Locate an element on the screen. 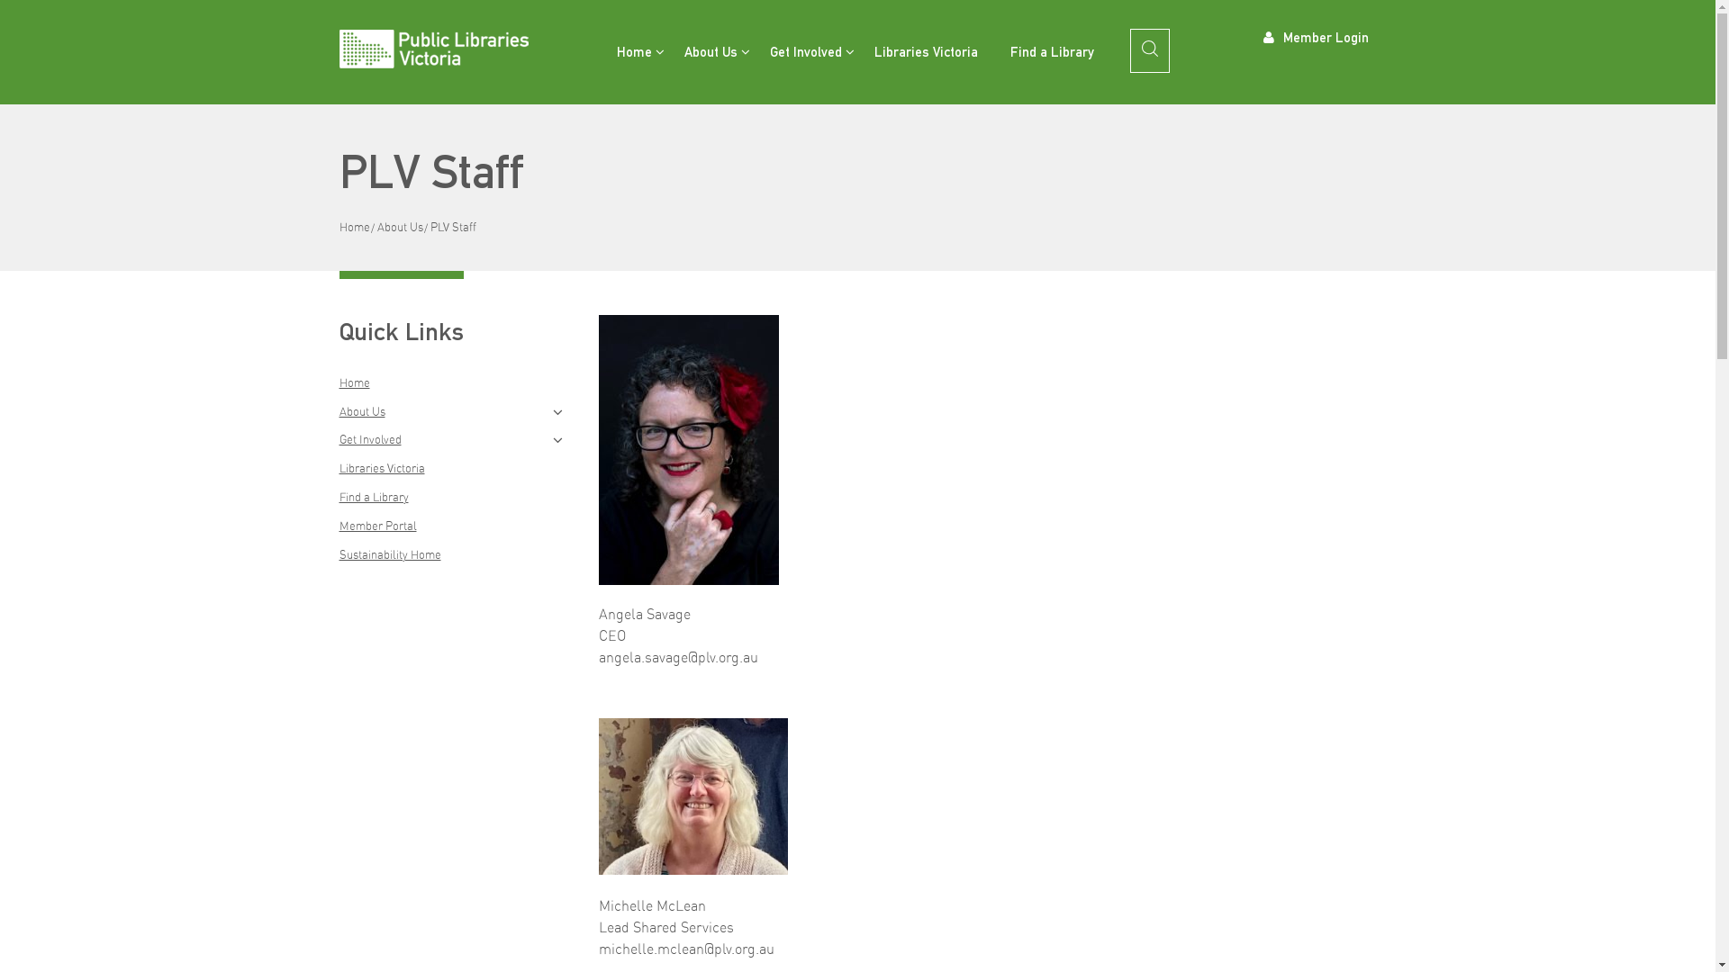 The image size is (1729, 972). 'Home' is located at coordinates (633, 50).